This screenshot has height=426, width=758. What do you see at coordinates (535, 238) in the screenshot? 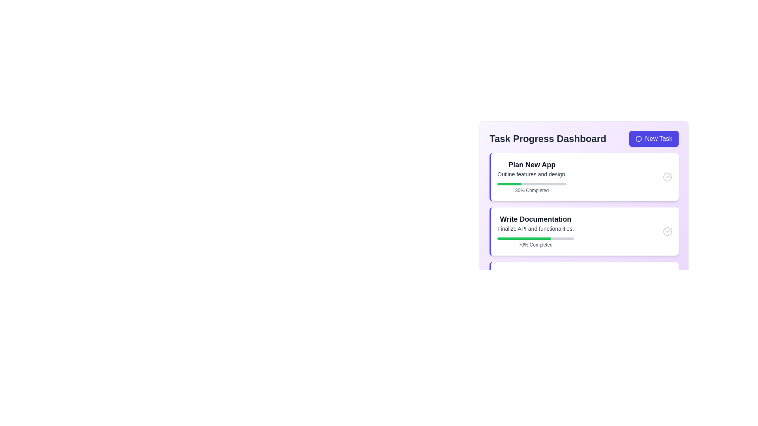
I see `the Progress Bar indicating 70% completion for the task 'Write Documentation', which is positioned below the text '70% Completed'` at bounding box center [535, 238].